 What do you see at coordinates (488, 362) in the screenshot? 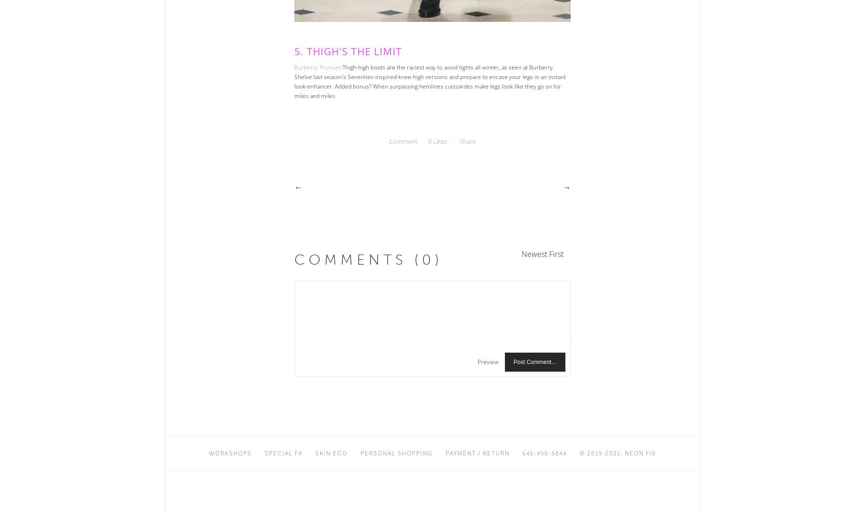
I see `'Preview'` at bounding box center [488, 362].